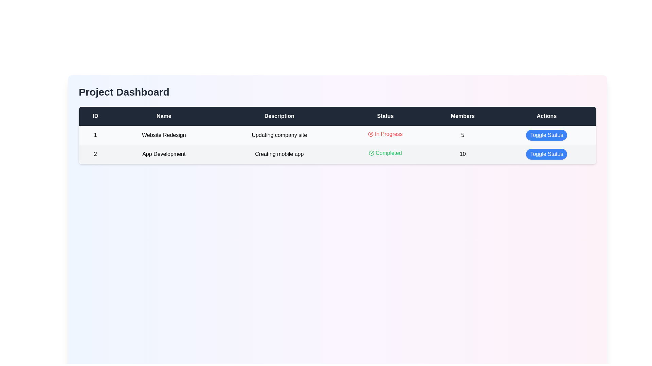 The height and width of the screenshot is (366, 652). What do you see at coordinates (385, 116) in the screenshot?
I see `the Text Label that serves as the fourth column header in the table, indicating the status of items below, positioned between 'Description' and 'Members'` at bounding box center [385, 116].